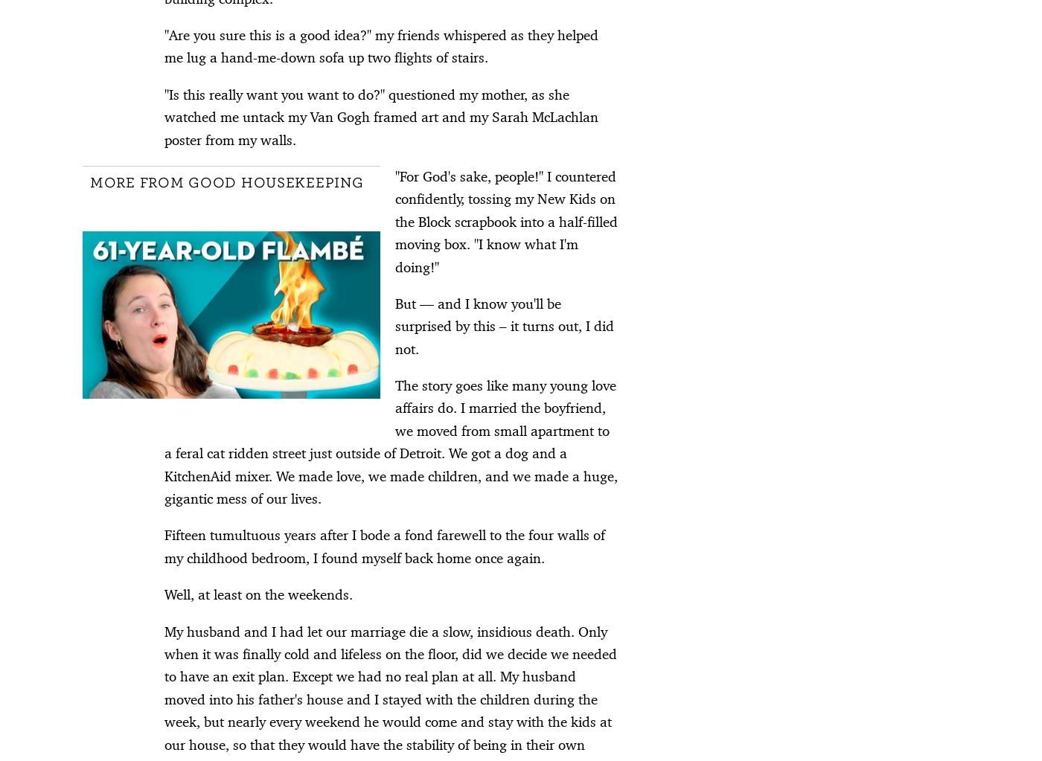  Describe the element at coordinates (334, 609) in the screenshot. I see `'Contact Us'` at that location.